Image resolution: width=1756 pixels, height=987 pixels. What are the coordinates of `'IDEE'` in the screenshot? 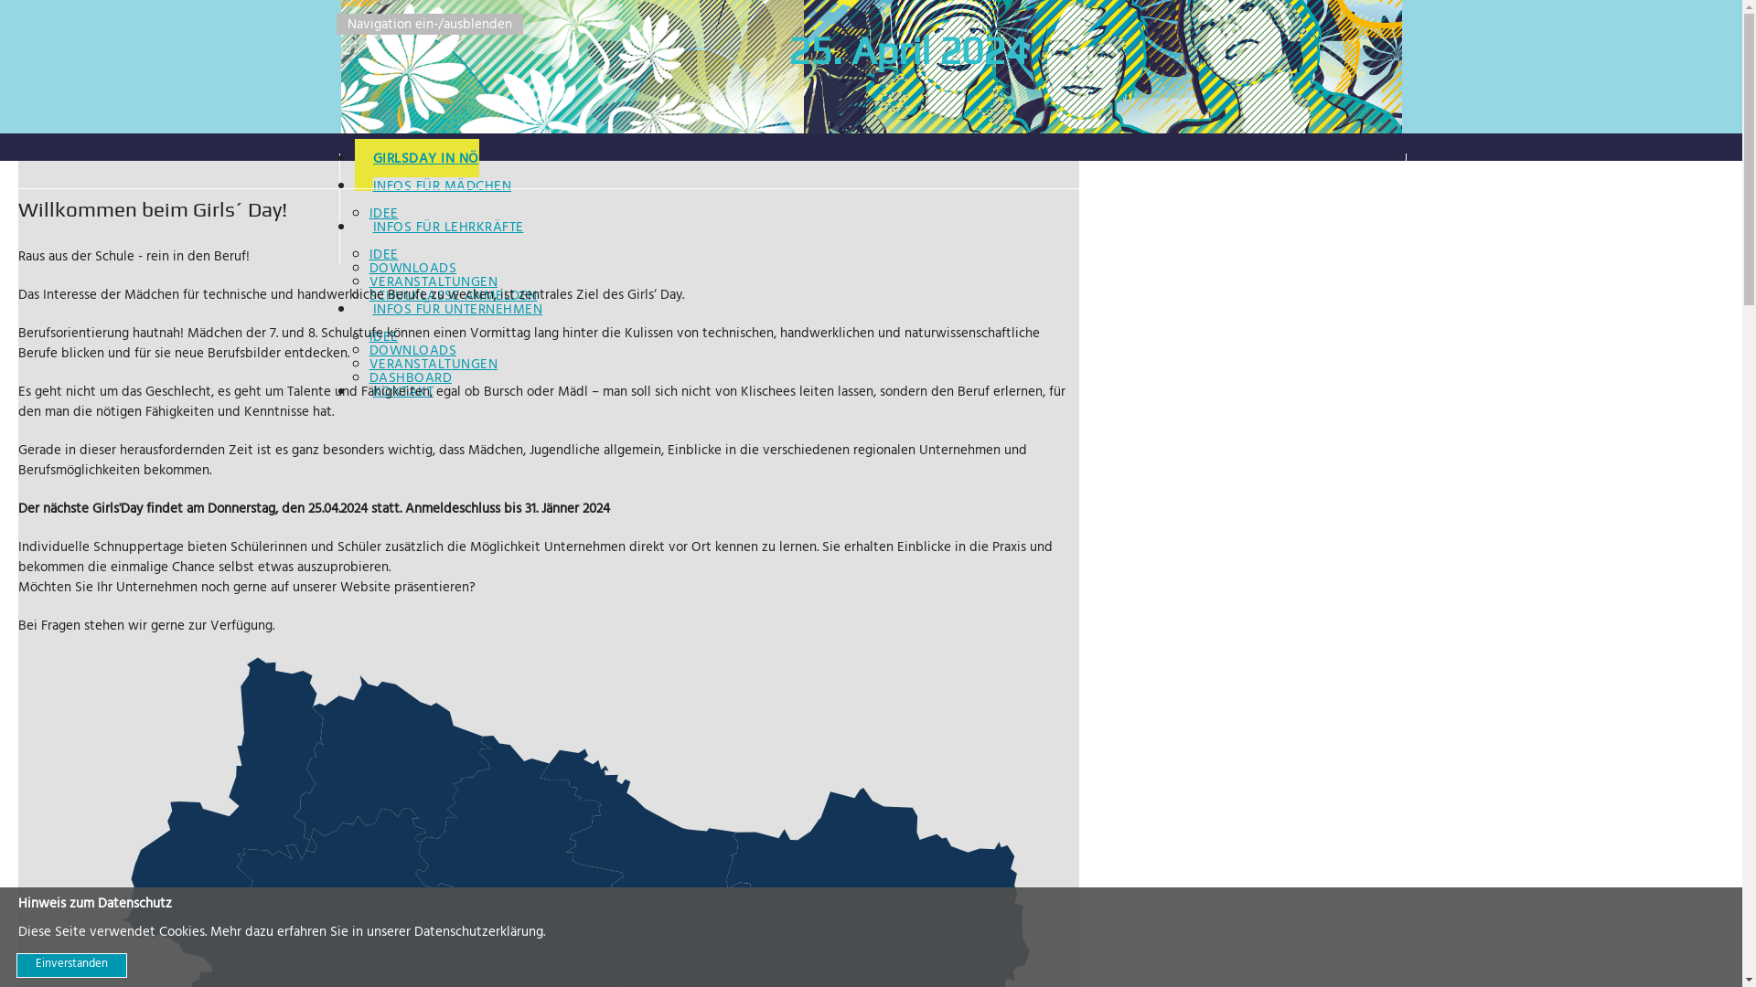 It's located at (383, 338).